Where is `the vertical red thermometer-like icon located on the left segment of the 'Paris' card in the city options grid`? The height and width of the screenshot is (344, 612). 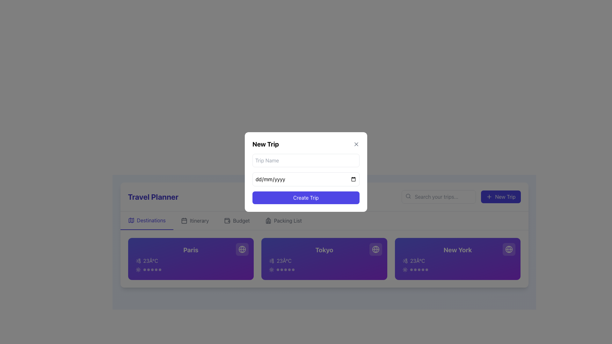 the vertical red thermometer-like icon located on the left segment of the 'Paris' card in the city options grid is located at coordinates (139, 261).